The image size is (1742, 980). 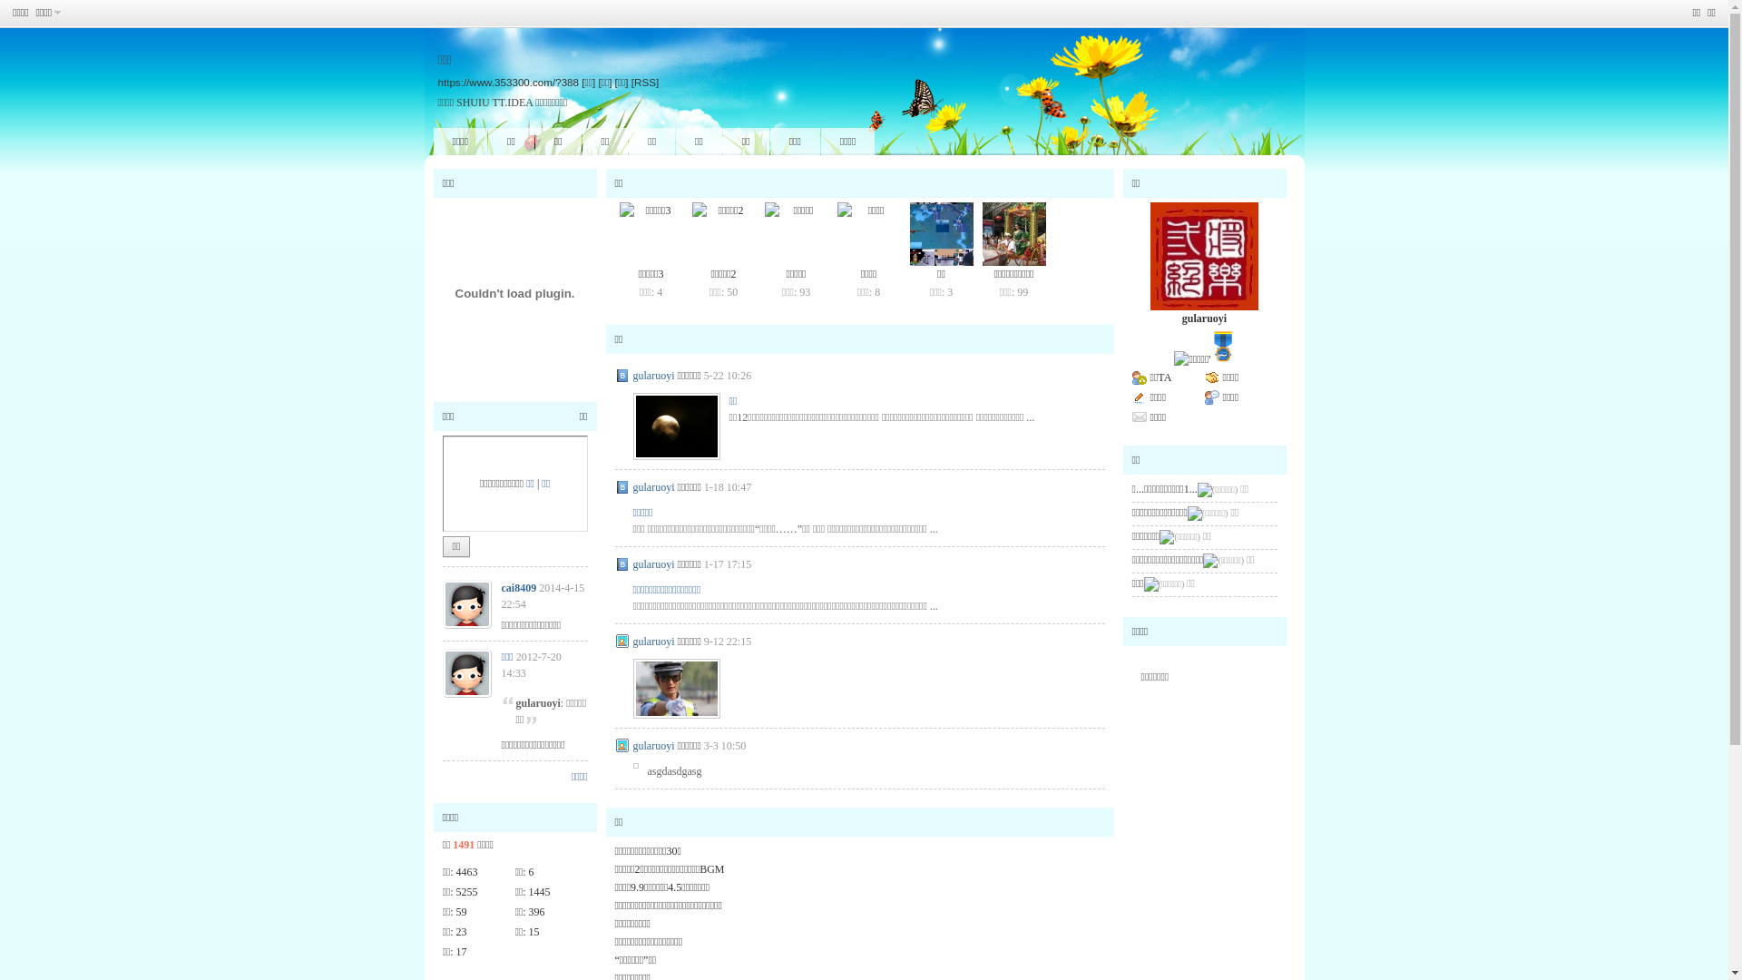 I want to click on '5255', so click(x=466, y=891).